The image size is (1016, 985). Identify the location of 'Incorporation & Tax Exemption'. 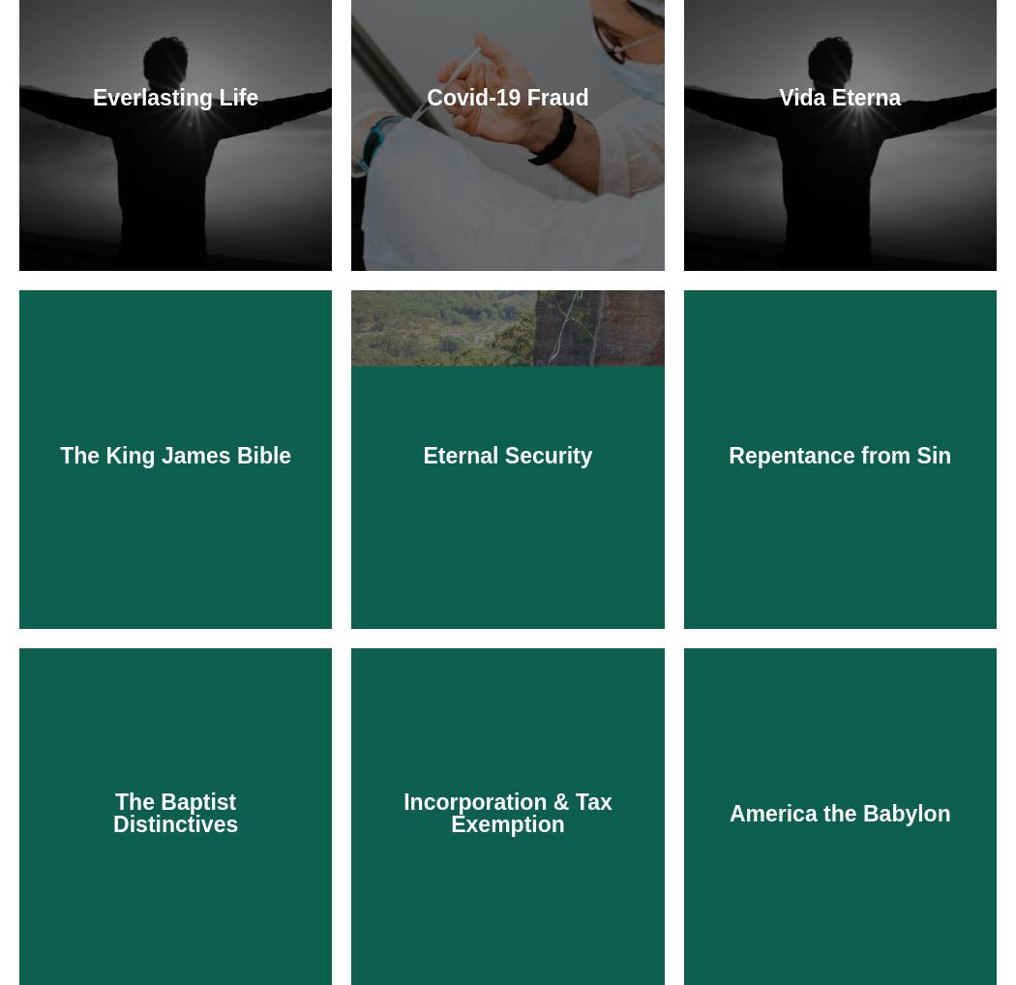
(506, 812).